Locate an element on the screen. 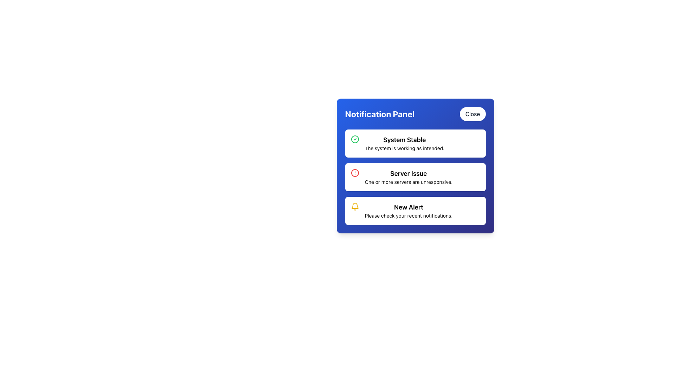 This screenshot has height=379, width=675. the validation status represented by the 'System Stable' icon located to the left of the text in the notification panel is located at coordinates (355, 139).